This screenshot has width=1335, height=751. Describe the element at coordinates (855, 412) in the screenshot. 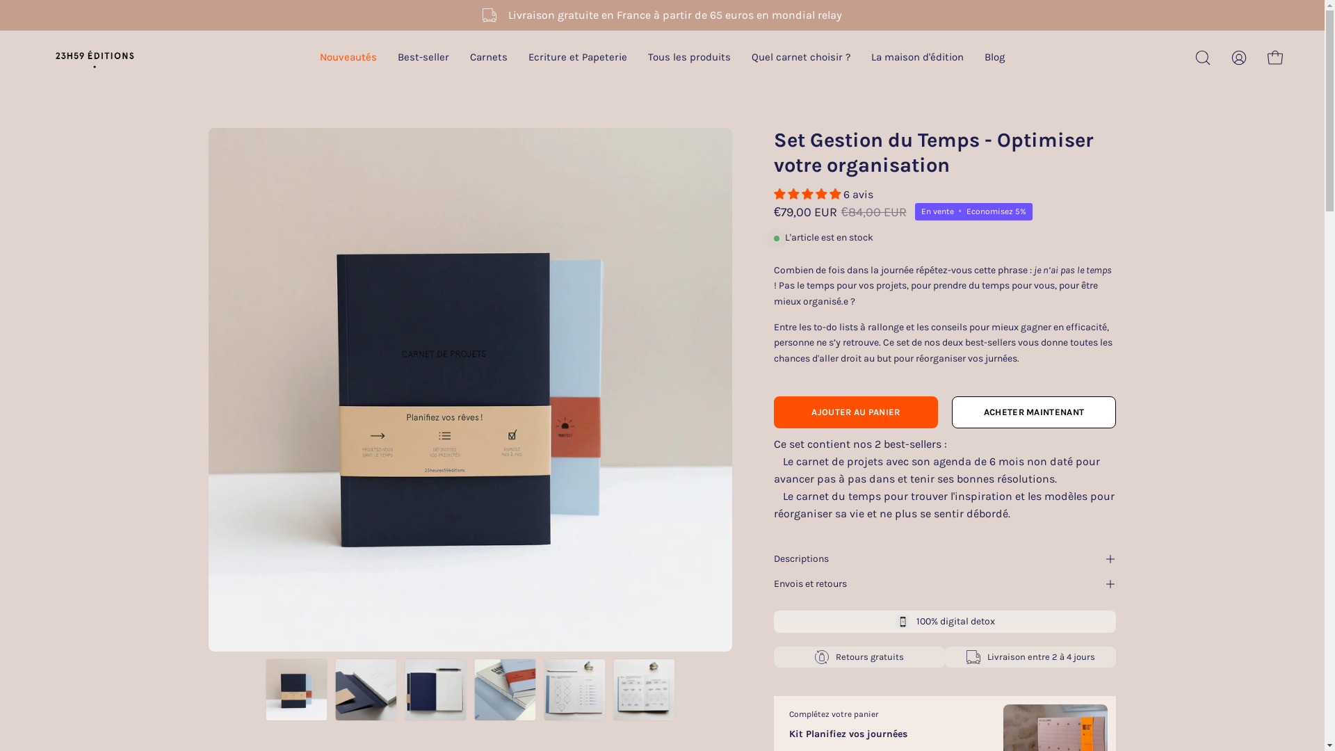

I see `'AJOUTER AU PANIER'` at that location.